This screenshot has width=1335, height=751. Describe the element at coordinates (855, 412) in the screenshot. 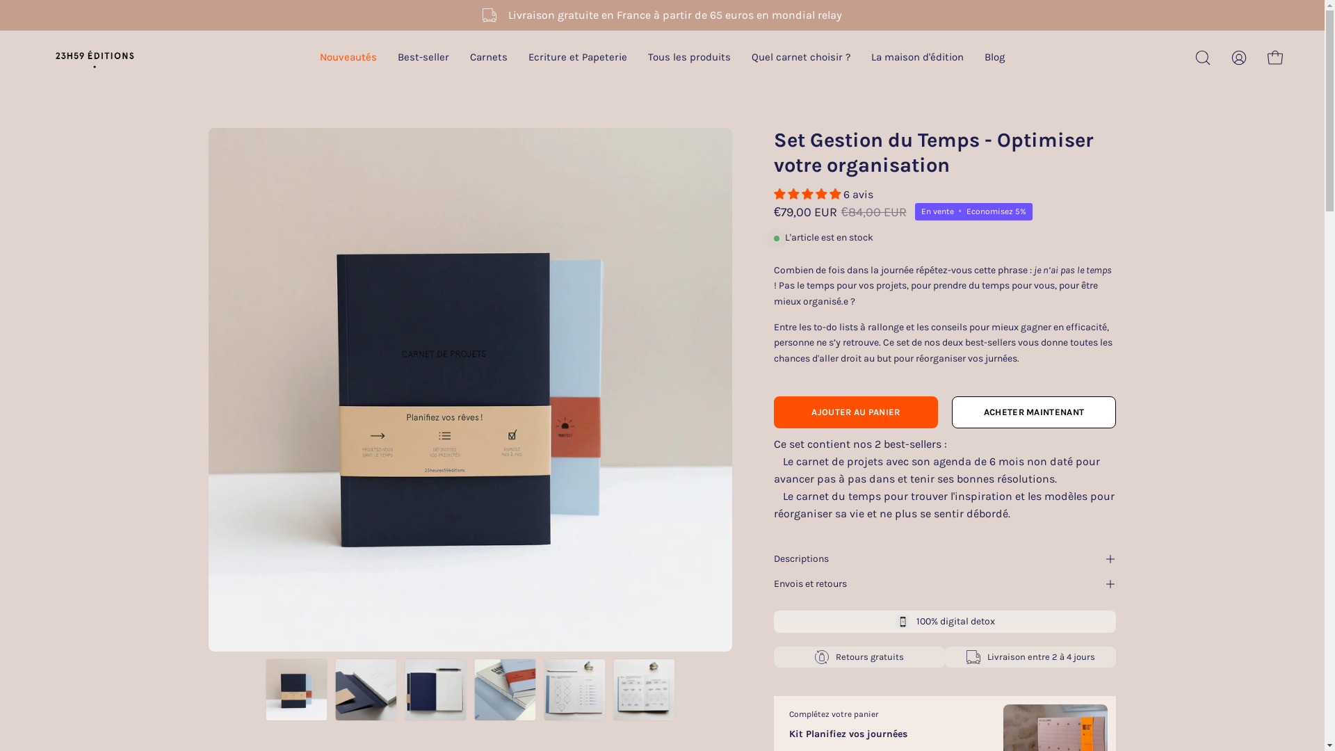

I see `'AJOUTER AU PANIER'` at that location.